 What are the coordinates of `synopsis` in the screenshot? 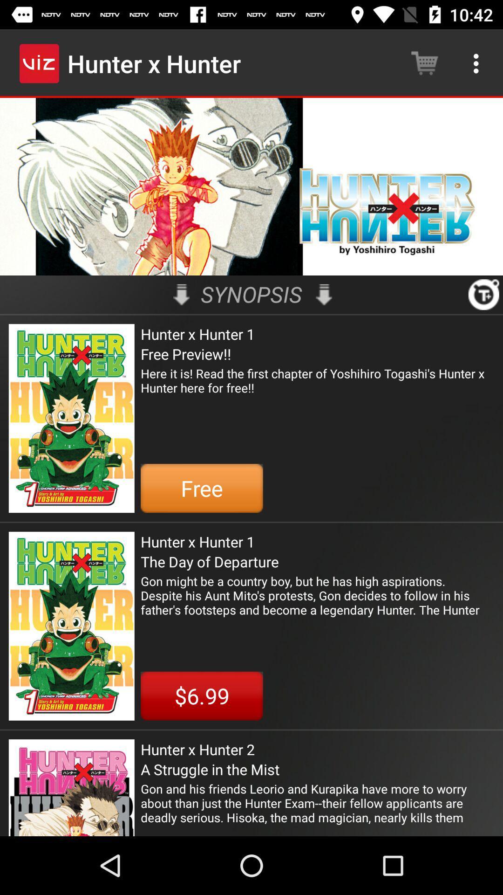 It's located at (251, 294).